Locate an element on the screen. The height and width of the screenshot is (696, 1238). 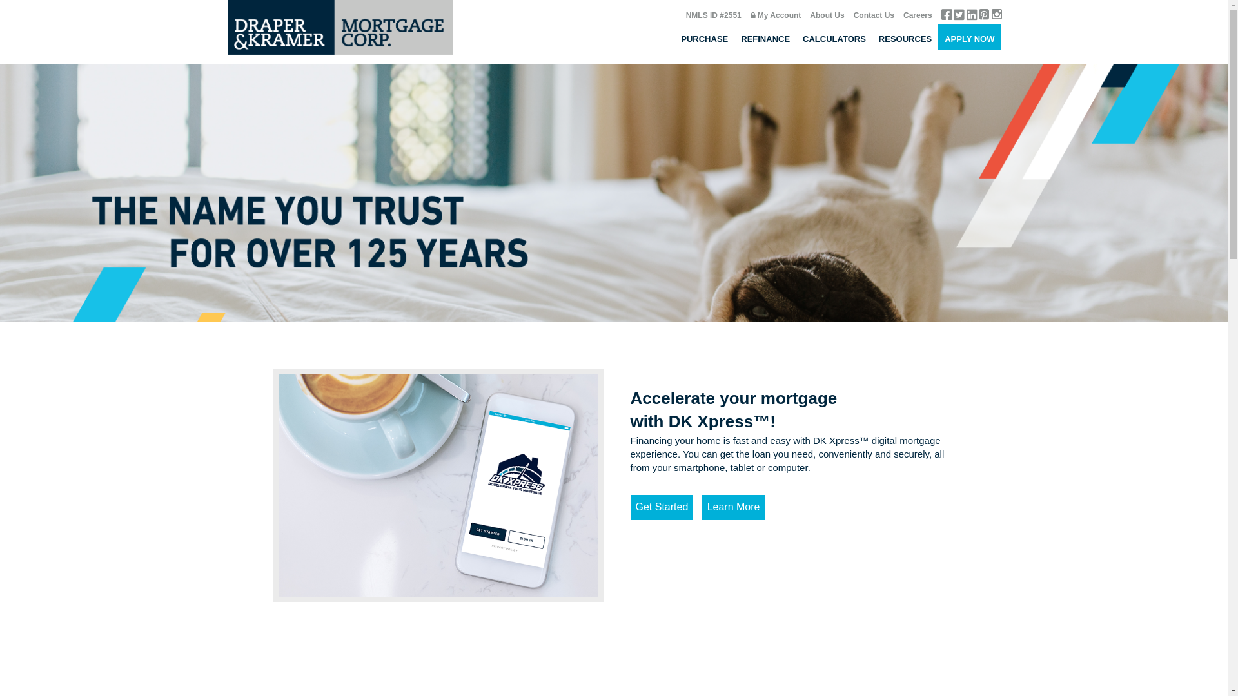
'RESOURCES' is located at coordinates (904, 36).